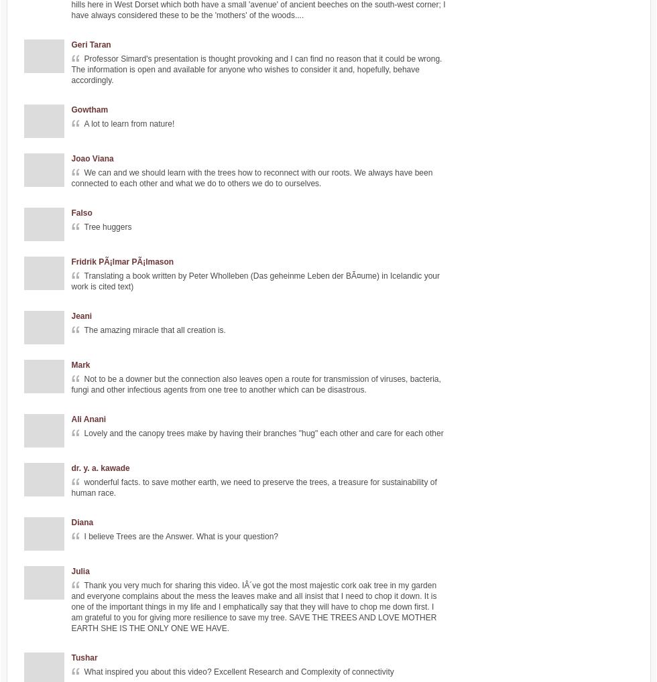  What do you see at coordinates (84, 657) in the screenshot?
I see `'Tushar'` at bounding box center [84, 657].